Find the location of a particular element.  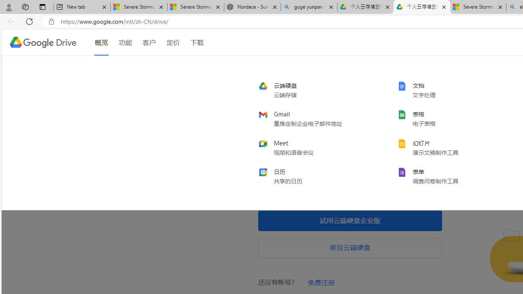

'forms' is located at coordinates (451, 176).